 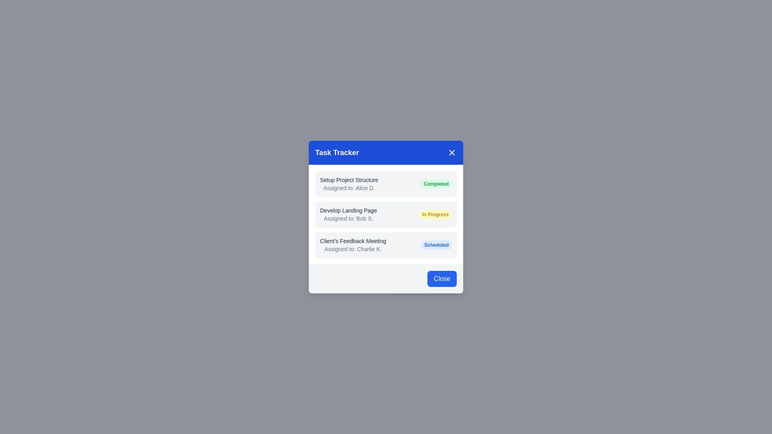 What do you see at coordinates (452, 153) in the screenshot?
I see `the close button in the header of the TaskTrackingDialog` at bounding box center [452, 153].